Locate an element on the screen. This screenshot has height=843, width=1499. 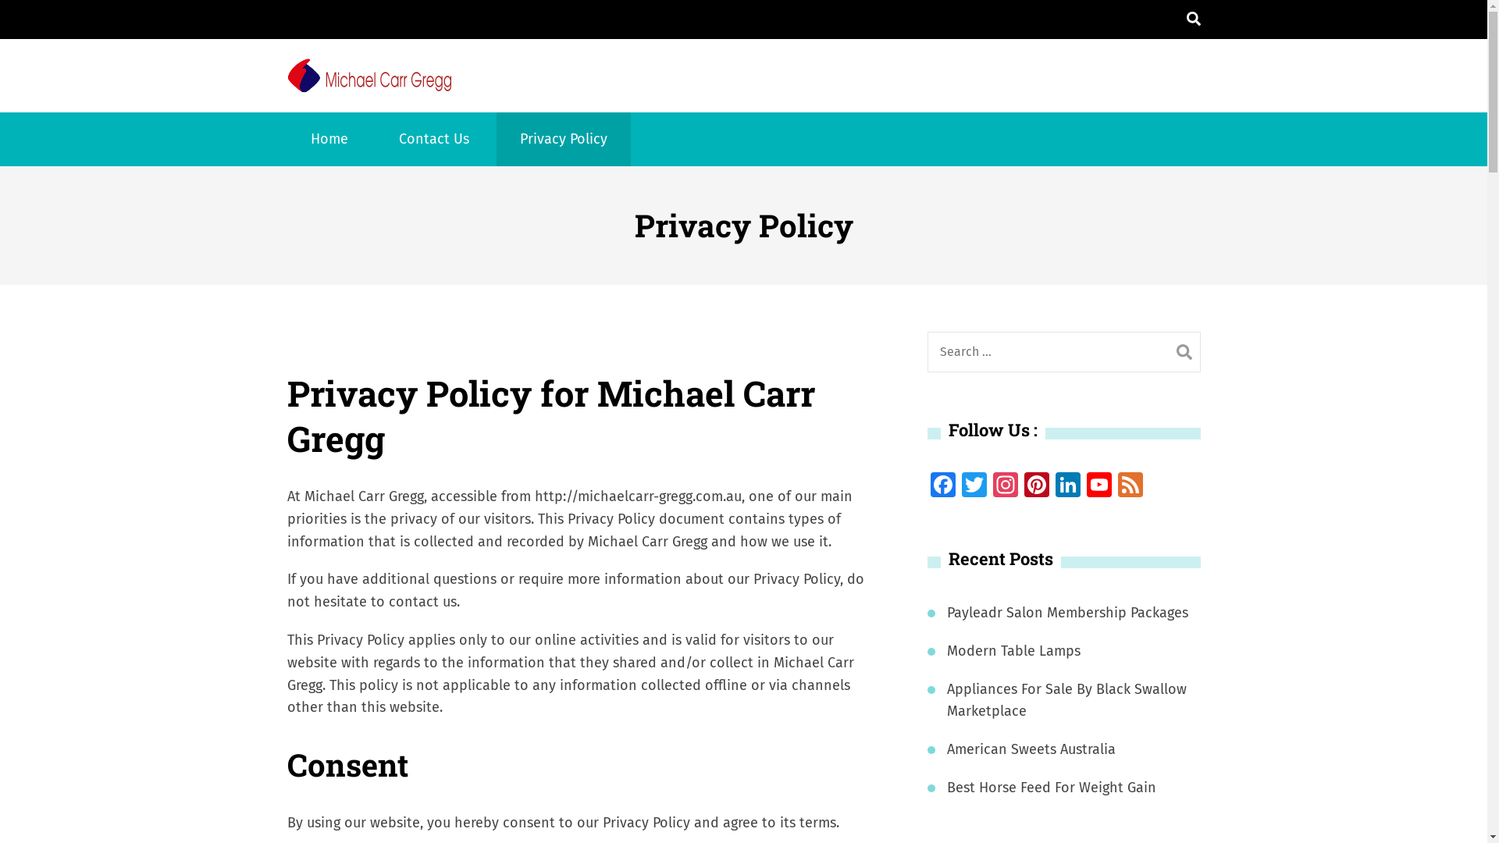
'Feed' is located at coordinates (1130, 486).